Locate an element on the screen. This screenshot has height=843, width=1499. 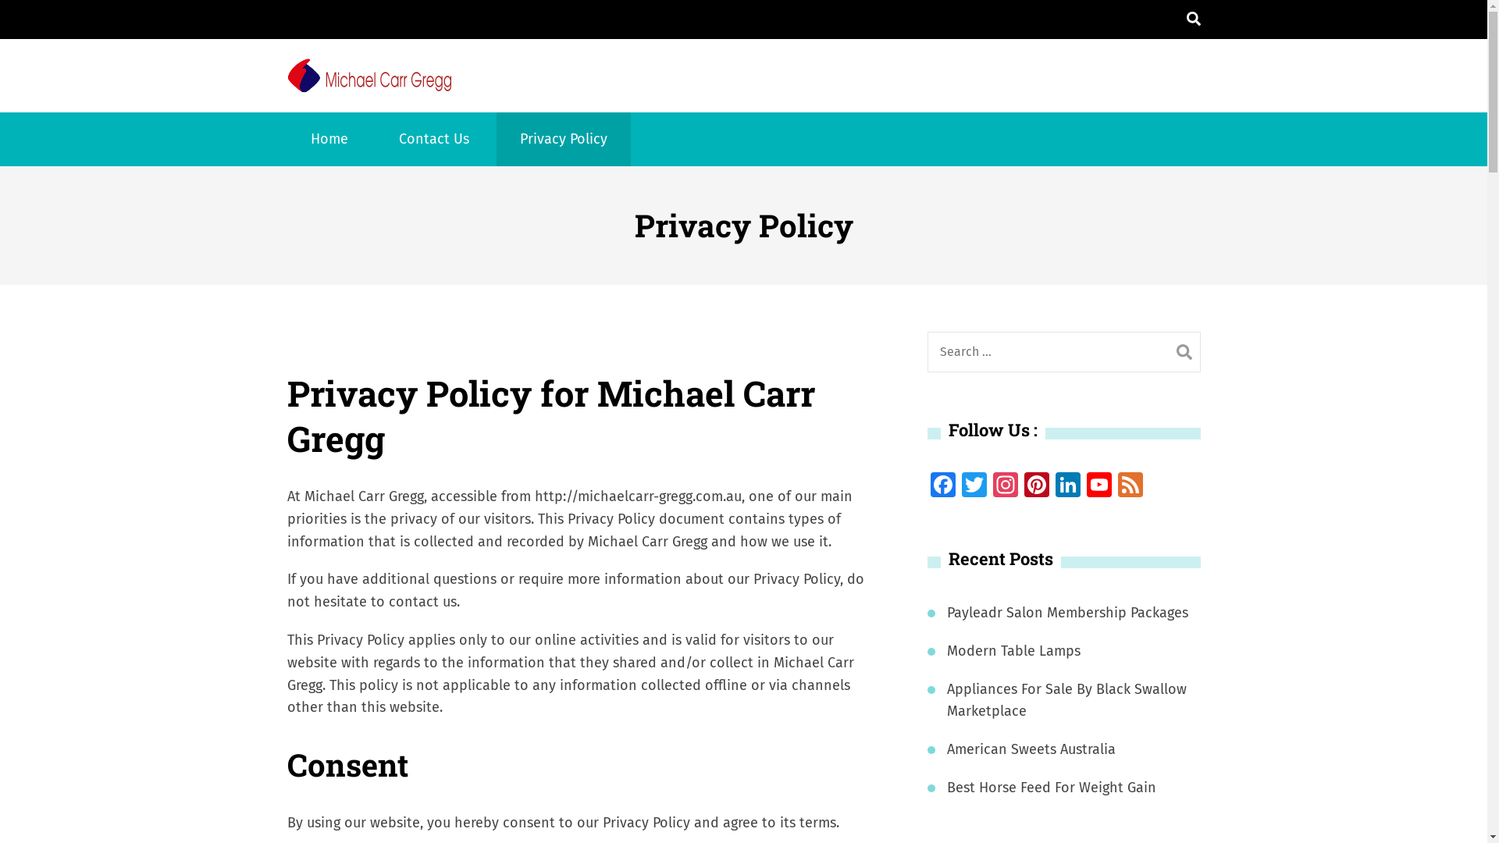
'Feed' is located at coordinates (1130, 486).